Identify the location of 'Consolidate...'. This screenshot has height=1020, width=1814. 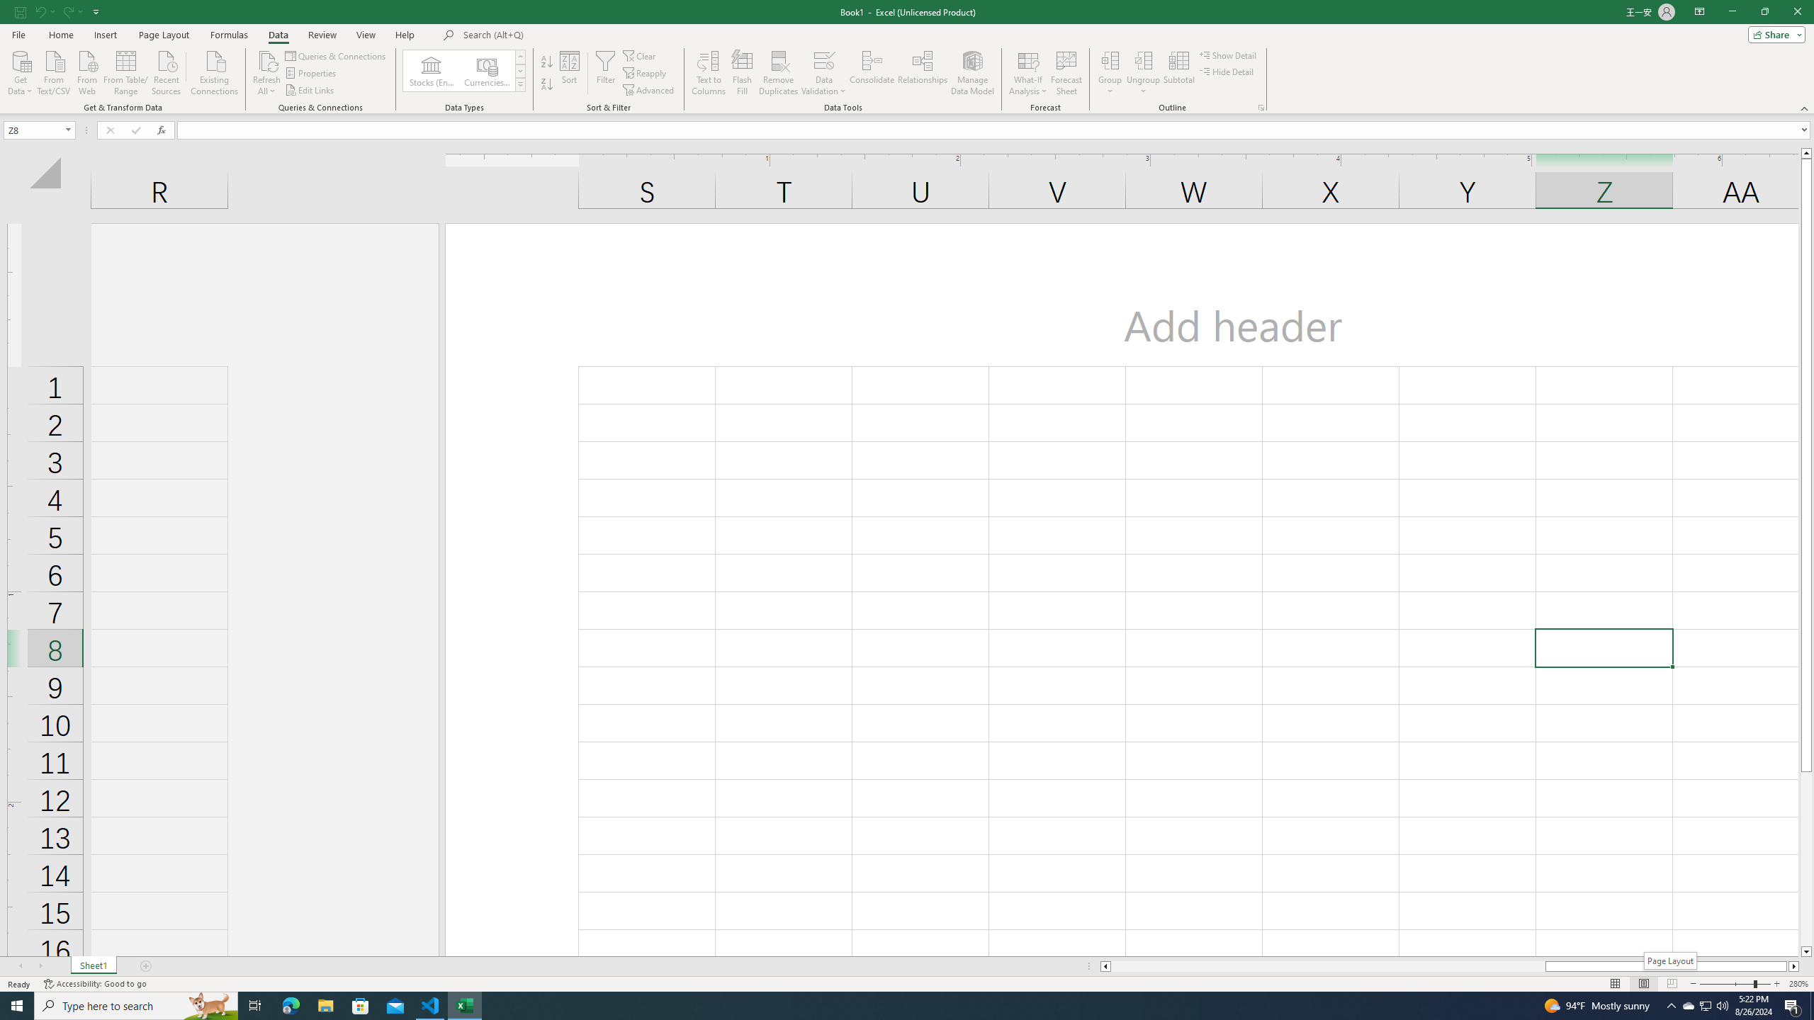
(872, 73).